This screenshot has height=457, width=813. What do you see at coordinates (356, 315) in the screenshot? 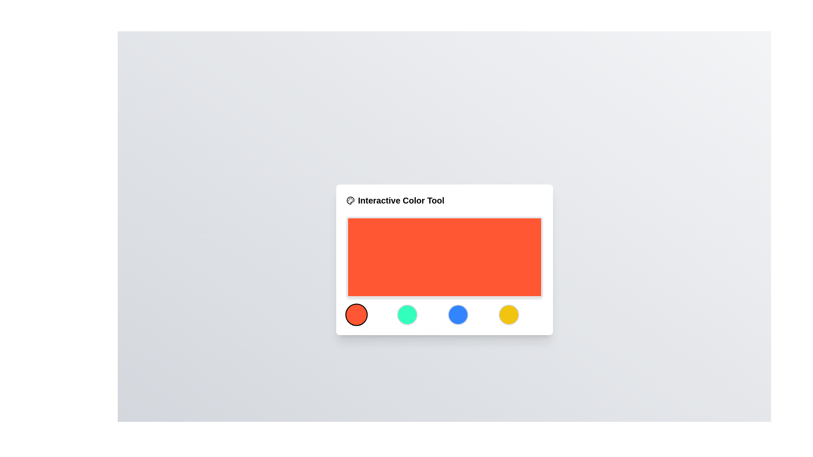
I see `the vibrant orange circular color selection button located at the bottom-left corner of the card interface` at bounding box center [356, 315].